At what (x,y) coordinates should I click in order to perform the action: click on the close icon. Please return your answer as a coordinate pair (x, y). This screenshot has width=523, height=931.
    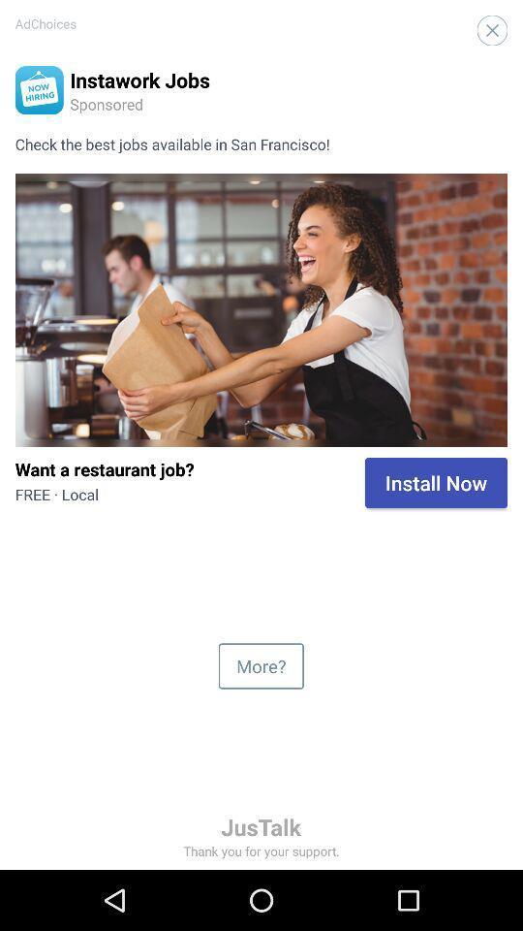
    Looking at the image, I should click on (492, 29).